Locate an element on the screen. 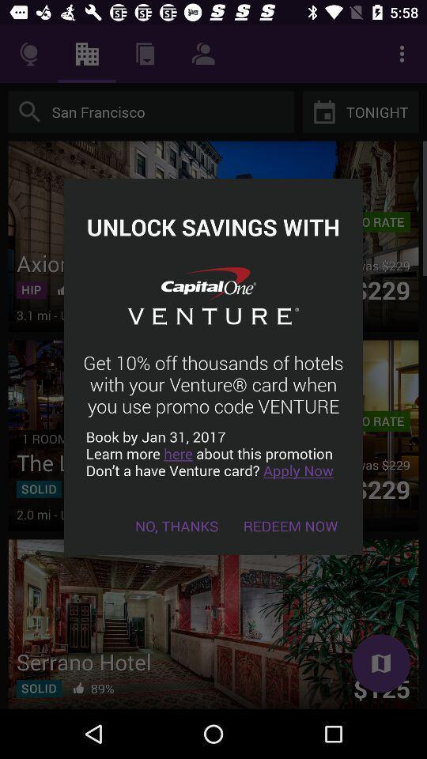 This screenshot has width=427, height=759. the text solid is located at coordinates (39, 489).